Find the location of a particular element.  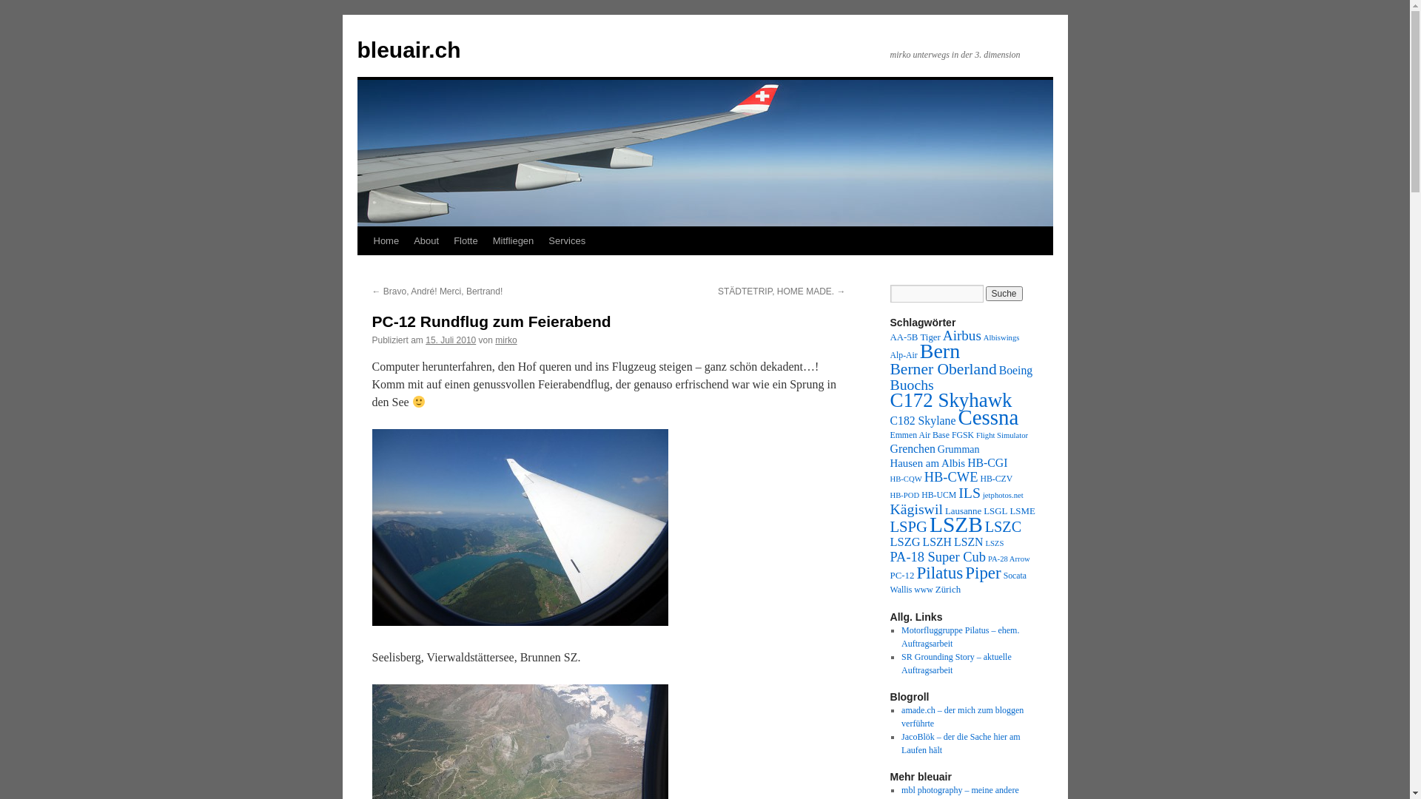

'C172 Skyhawk' is located at coordinates (950, 399).